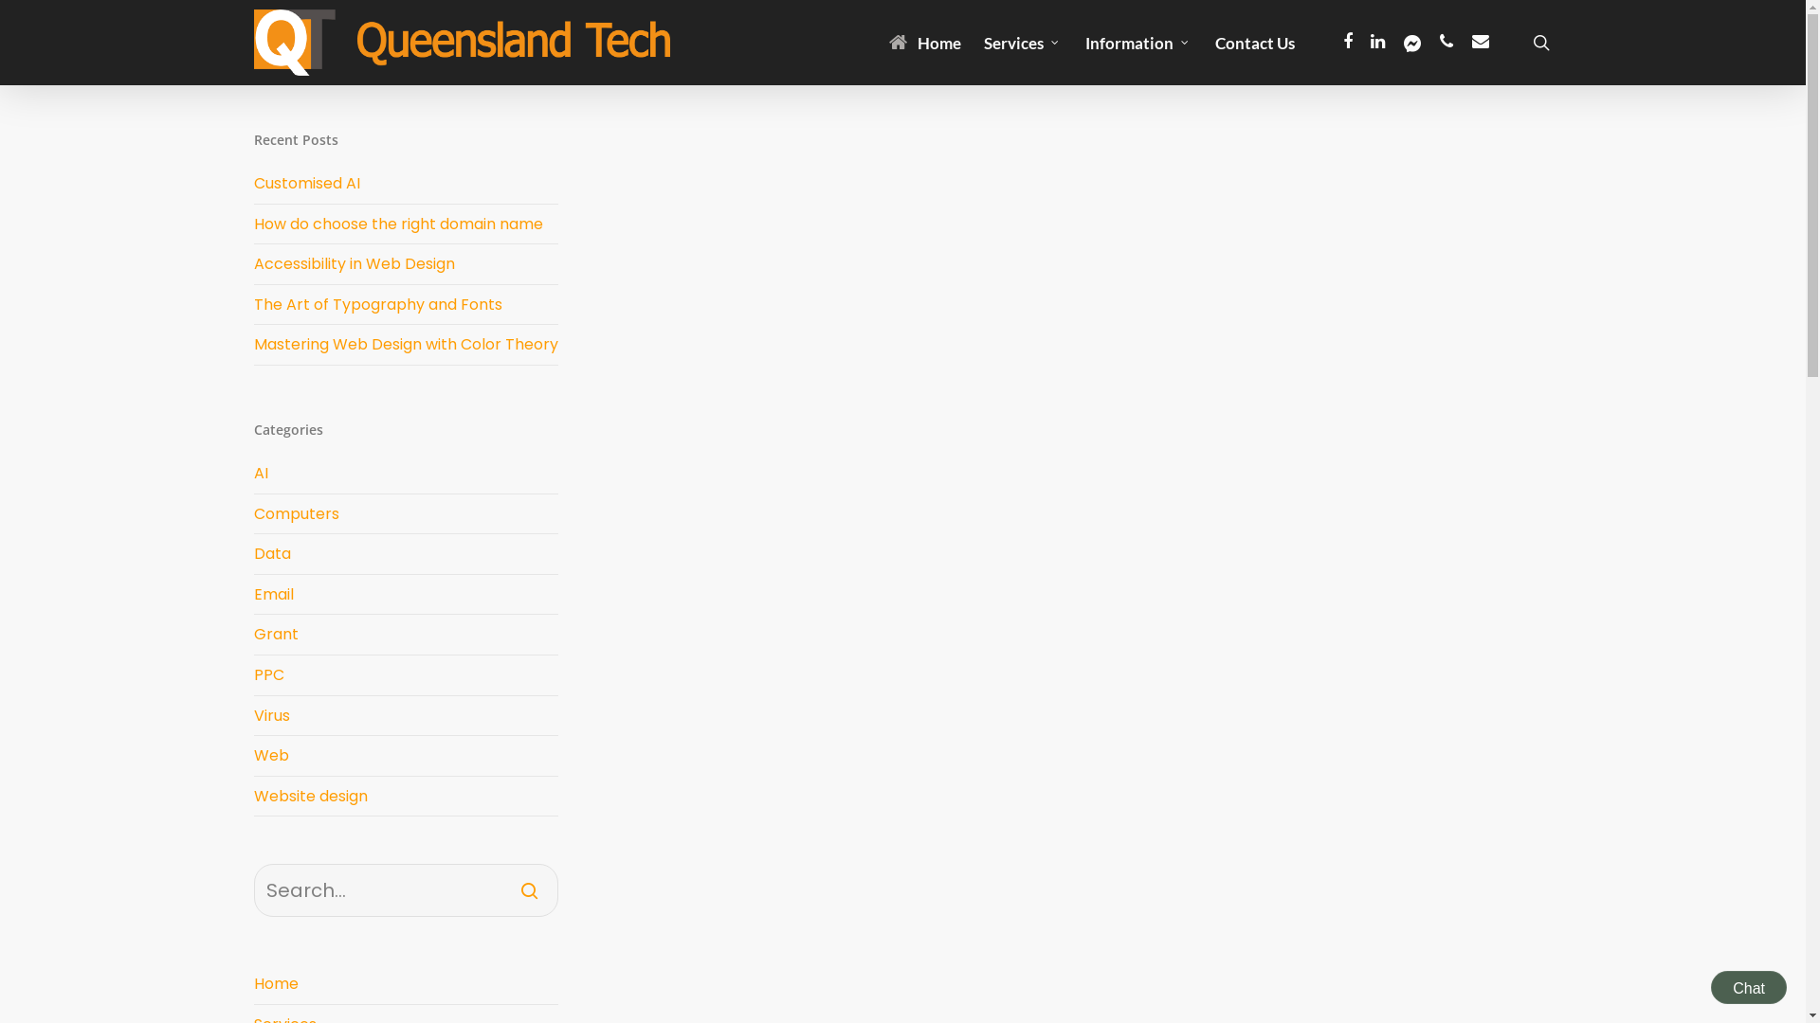  What do you see at coordinates (405, 890) in the screenshot?
I see `'Search for:'` at bounding box center [405, 890].